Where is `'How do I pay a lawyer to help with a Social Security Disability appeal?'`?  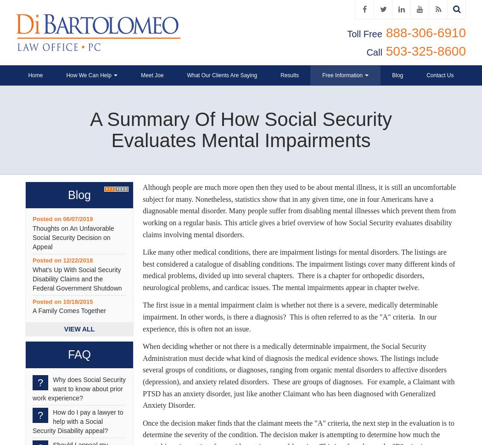 'How do I pay a lawyer to help with a Social Security Disability appeal?' is located at coordinates (78, 421).